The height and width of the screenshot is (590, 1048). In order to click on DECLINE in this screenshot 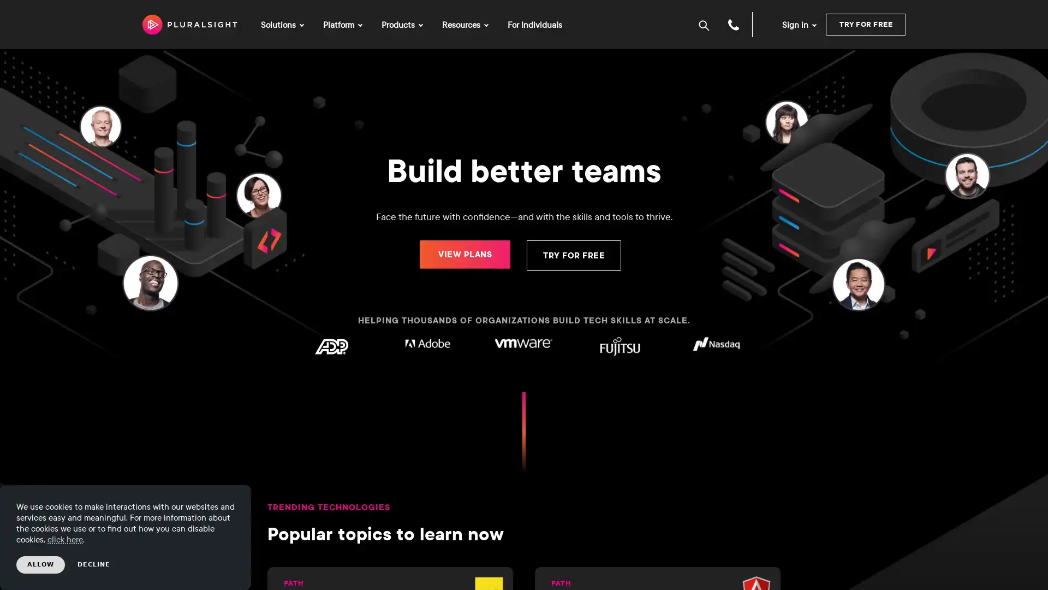, I will do `click(94, 564)`.